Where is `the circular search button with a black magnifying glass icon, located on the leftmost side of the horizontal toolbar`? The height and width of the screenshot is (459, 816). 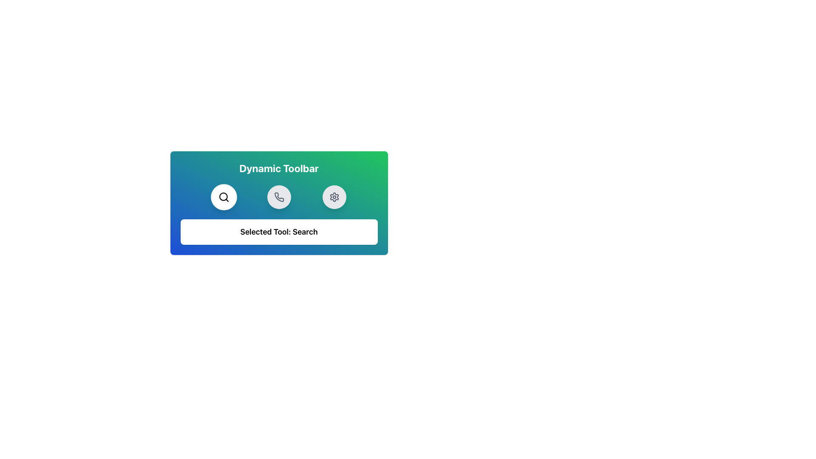 the circular search button with a black magnifying glass icon, located on the leftmost side of the horizontal toolbar is located at coordinates (224, 197).